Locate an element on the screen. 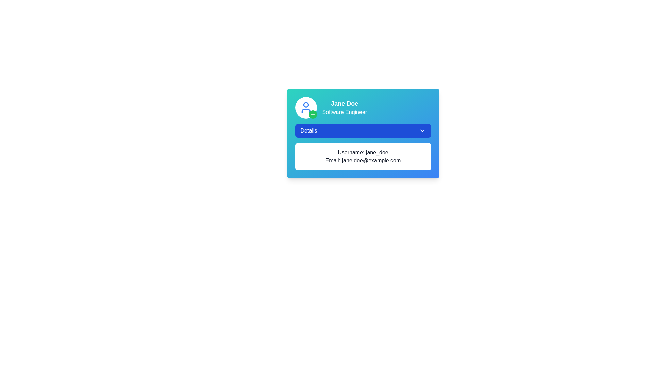 The image size is (653, 367). the text label that displays 'Username: jane_doe', which is styled in dark gray on a white background, located within a white rounded rectangle box above the email text and below the blue dropdown menu labeled 'Details' is located at coordinates (363, 152).